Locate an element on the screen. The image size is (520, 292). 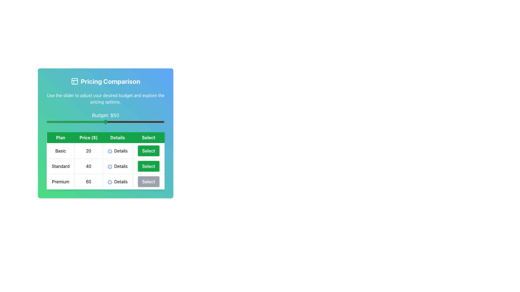
number displayed in the static text box containing '40', located in the second row of the 'Price ($)' column under the 'Pricing Comparison' heading is located at coordinates (89, 166).